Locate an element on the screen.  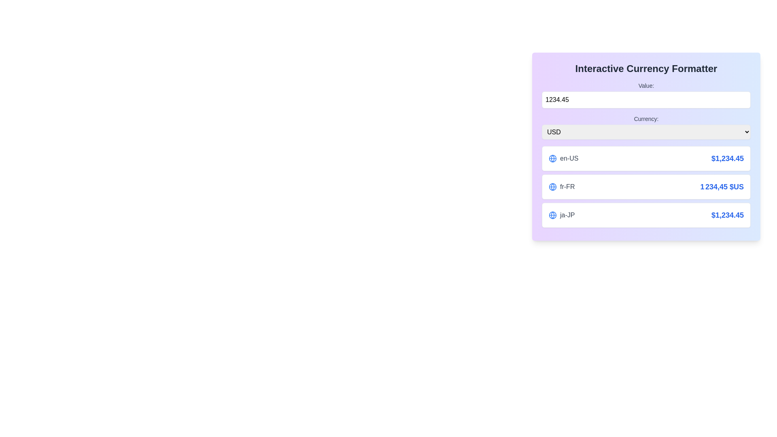
an option from the dropdown menu for changing the currency setting in the 'Interactive Currency Formatter' widget is located at coordinates (646, 127).